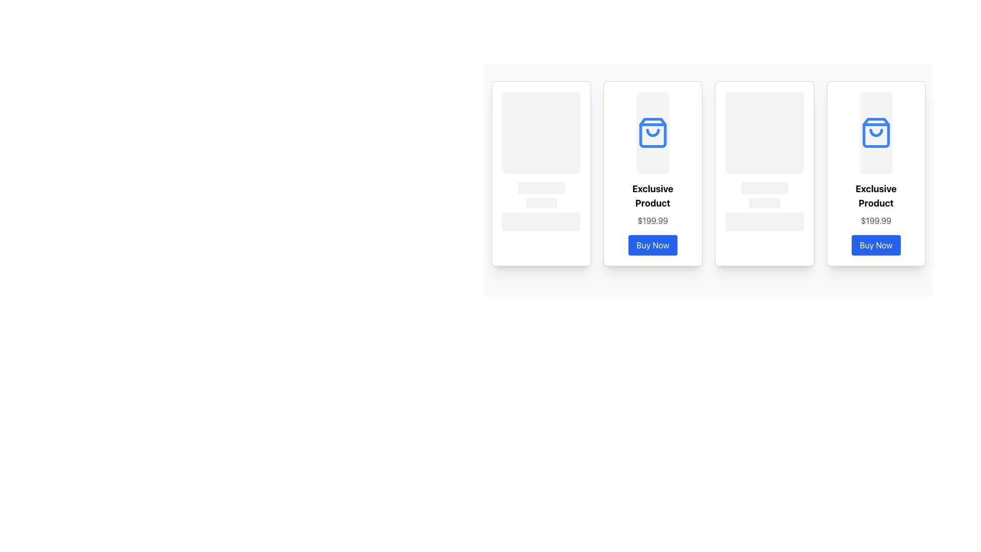  Describe the element at coordinates (875, 245) in the screenshot. I see `the 'Purchase' button located at the bottom of the 'Exclusive Product' card` at that location.